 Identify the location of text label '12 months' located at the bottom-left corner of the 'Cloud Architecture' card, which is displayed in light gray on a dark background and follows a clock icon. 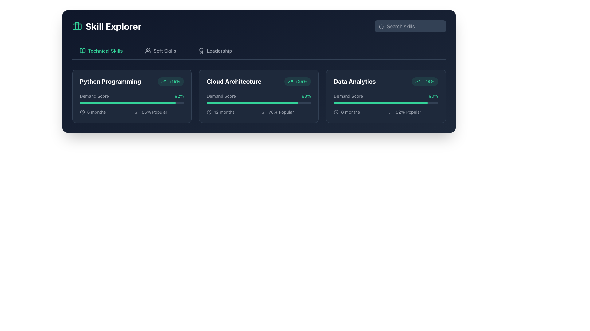
(224, 112).